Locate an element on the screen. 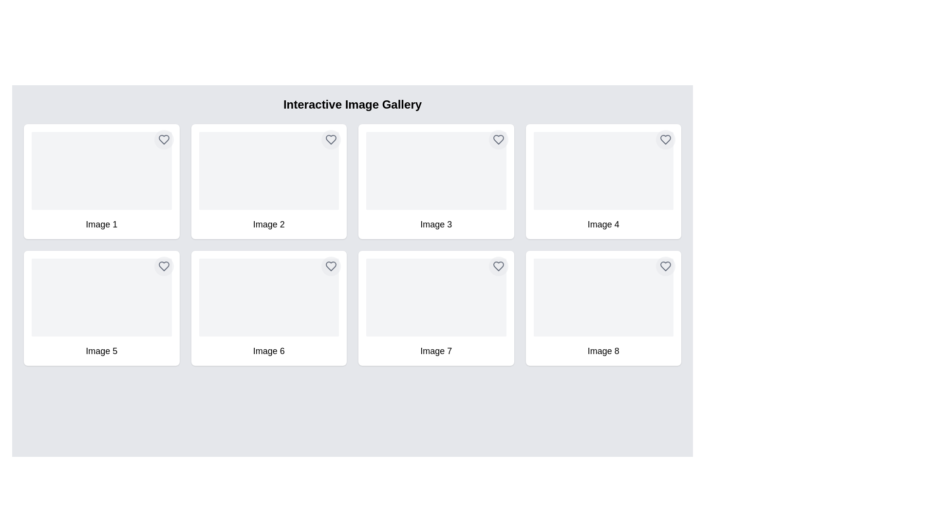 Image resolution: width=935 pixels, height=526 pixels. the heart icon in the top-right corner of the thumbnail labeled 'Image 5' to mark the item as a favorite is located at coordinates (164, 266).